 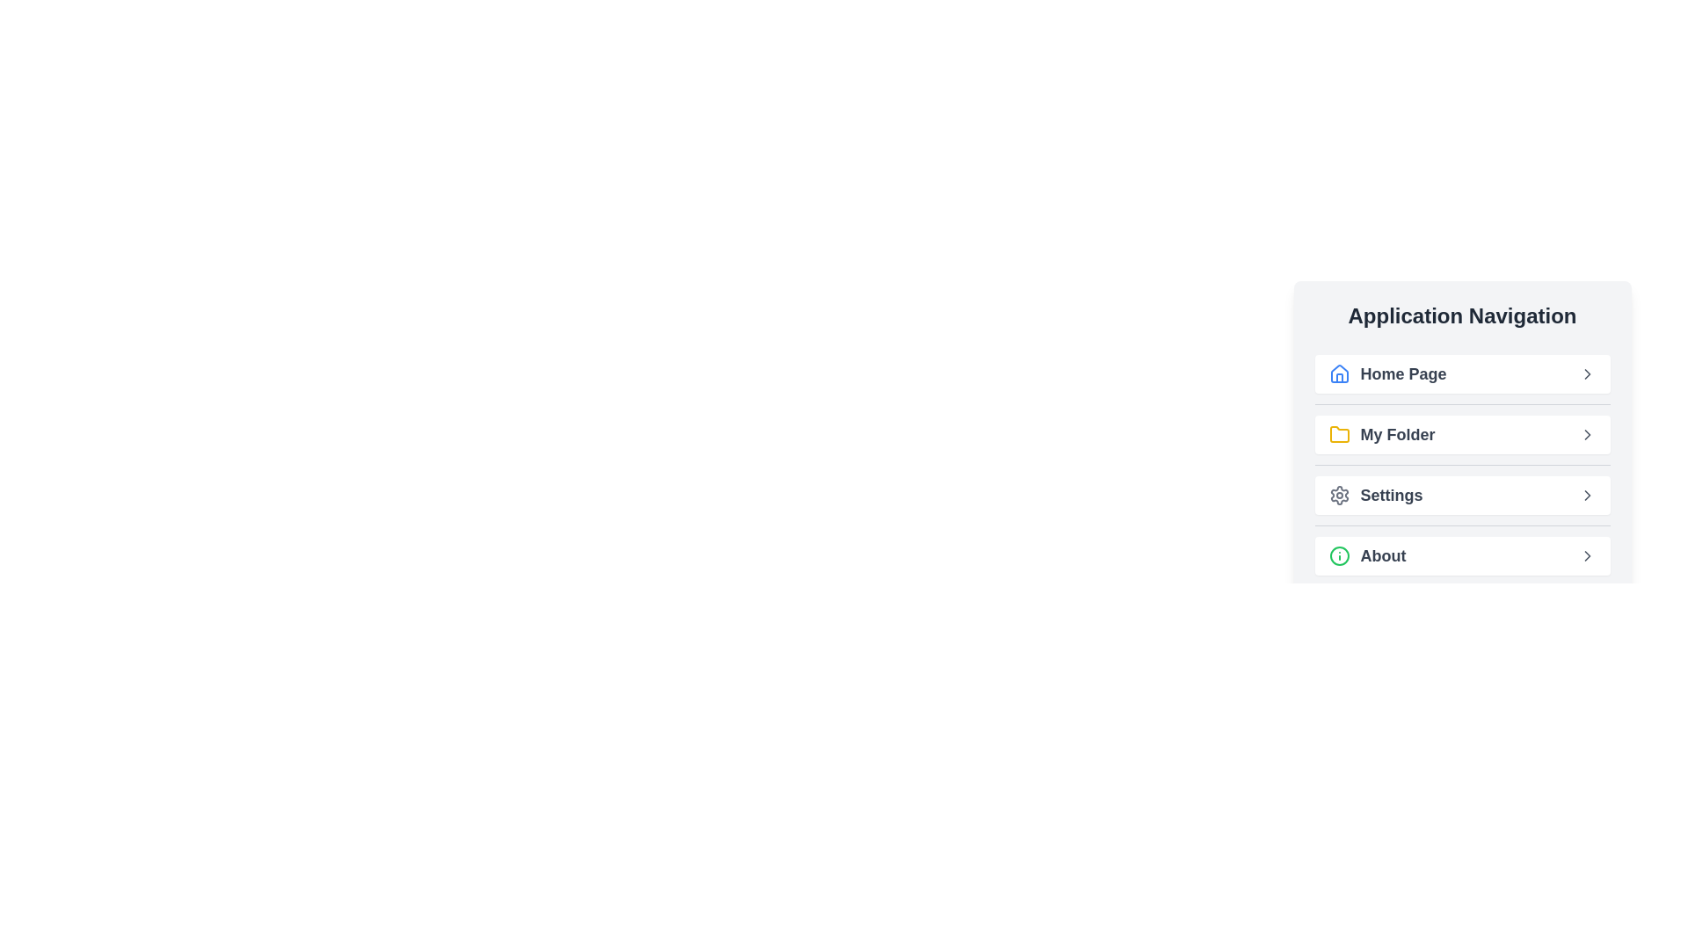 I want to click on the settings gear icon, which is the main shape within the settings option in the navigation menu, so click(x=1338, y=495).